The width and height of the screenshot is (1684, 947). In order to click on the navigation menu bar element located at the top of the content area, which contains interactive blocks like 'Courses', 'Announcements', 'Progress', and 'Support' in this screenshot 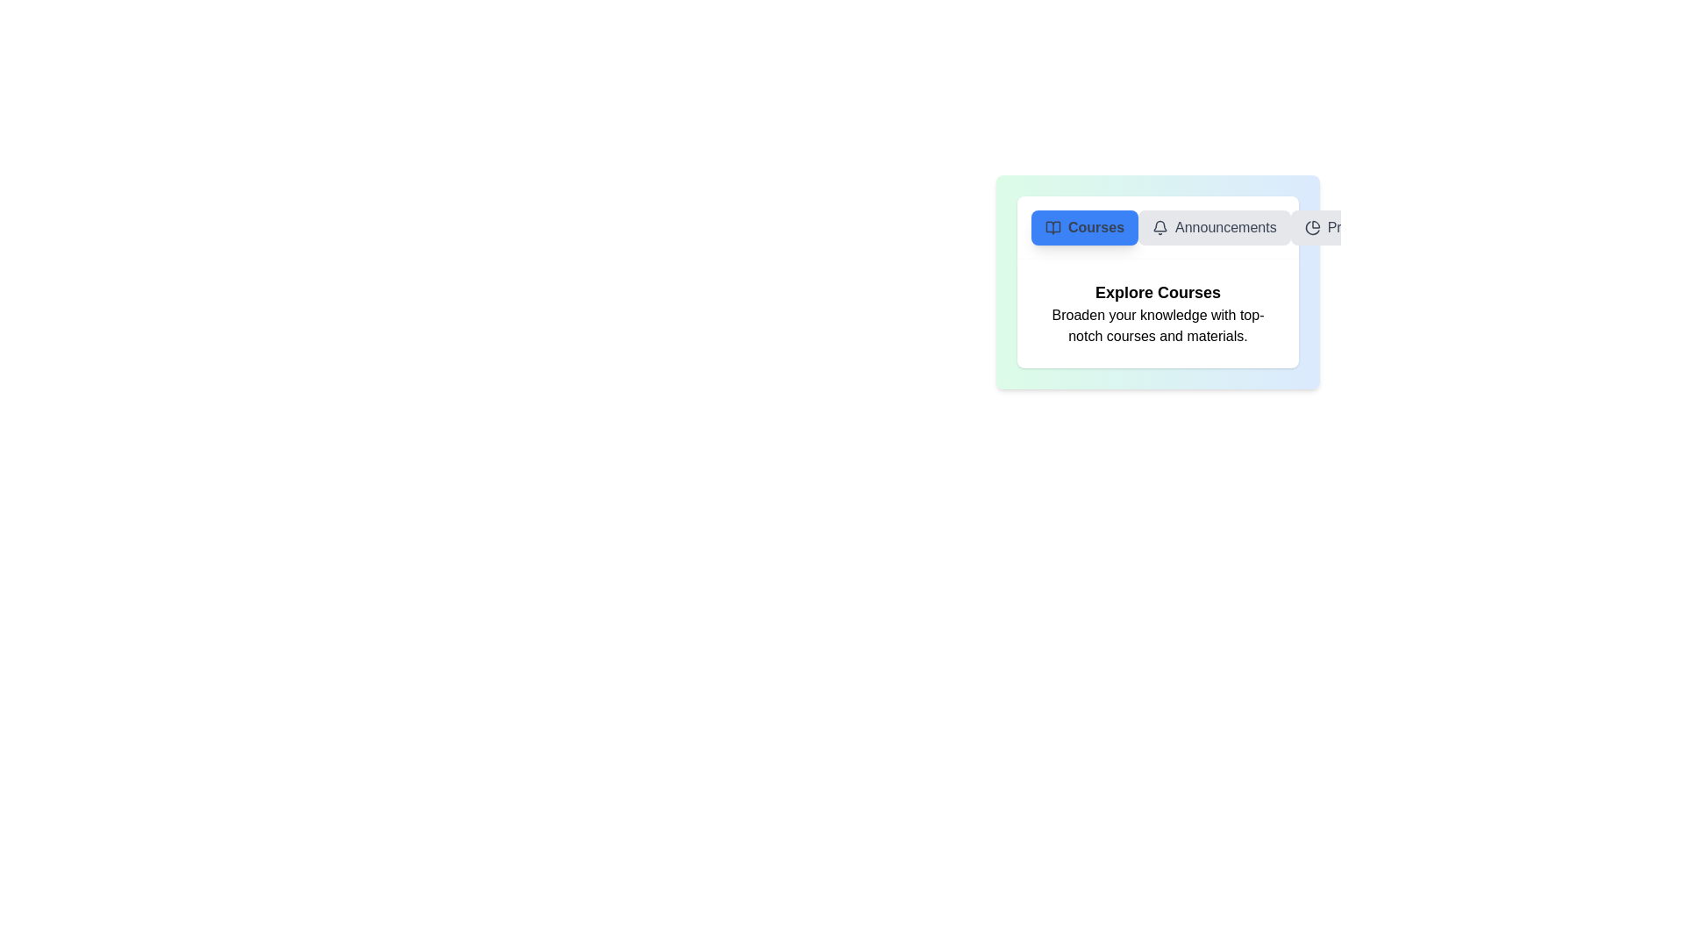, I will do `click(1158, 226)`.